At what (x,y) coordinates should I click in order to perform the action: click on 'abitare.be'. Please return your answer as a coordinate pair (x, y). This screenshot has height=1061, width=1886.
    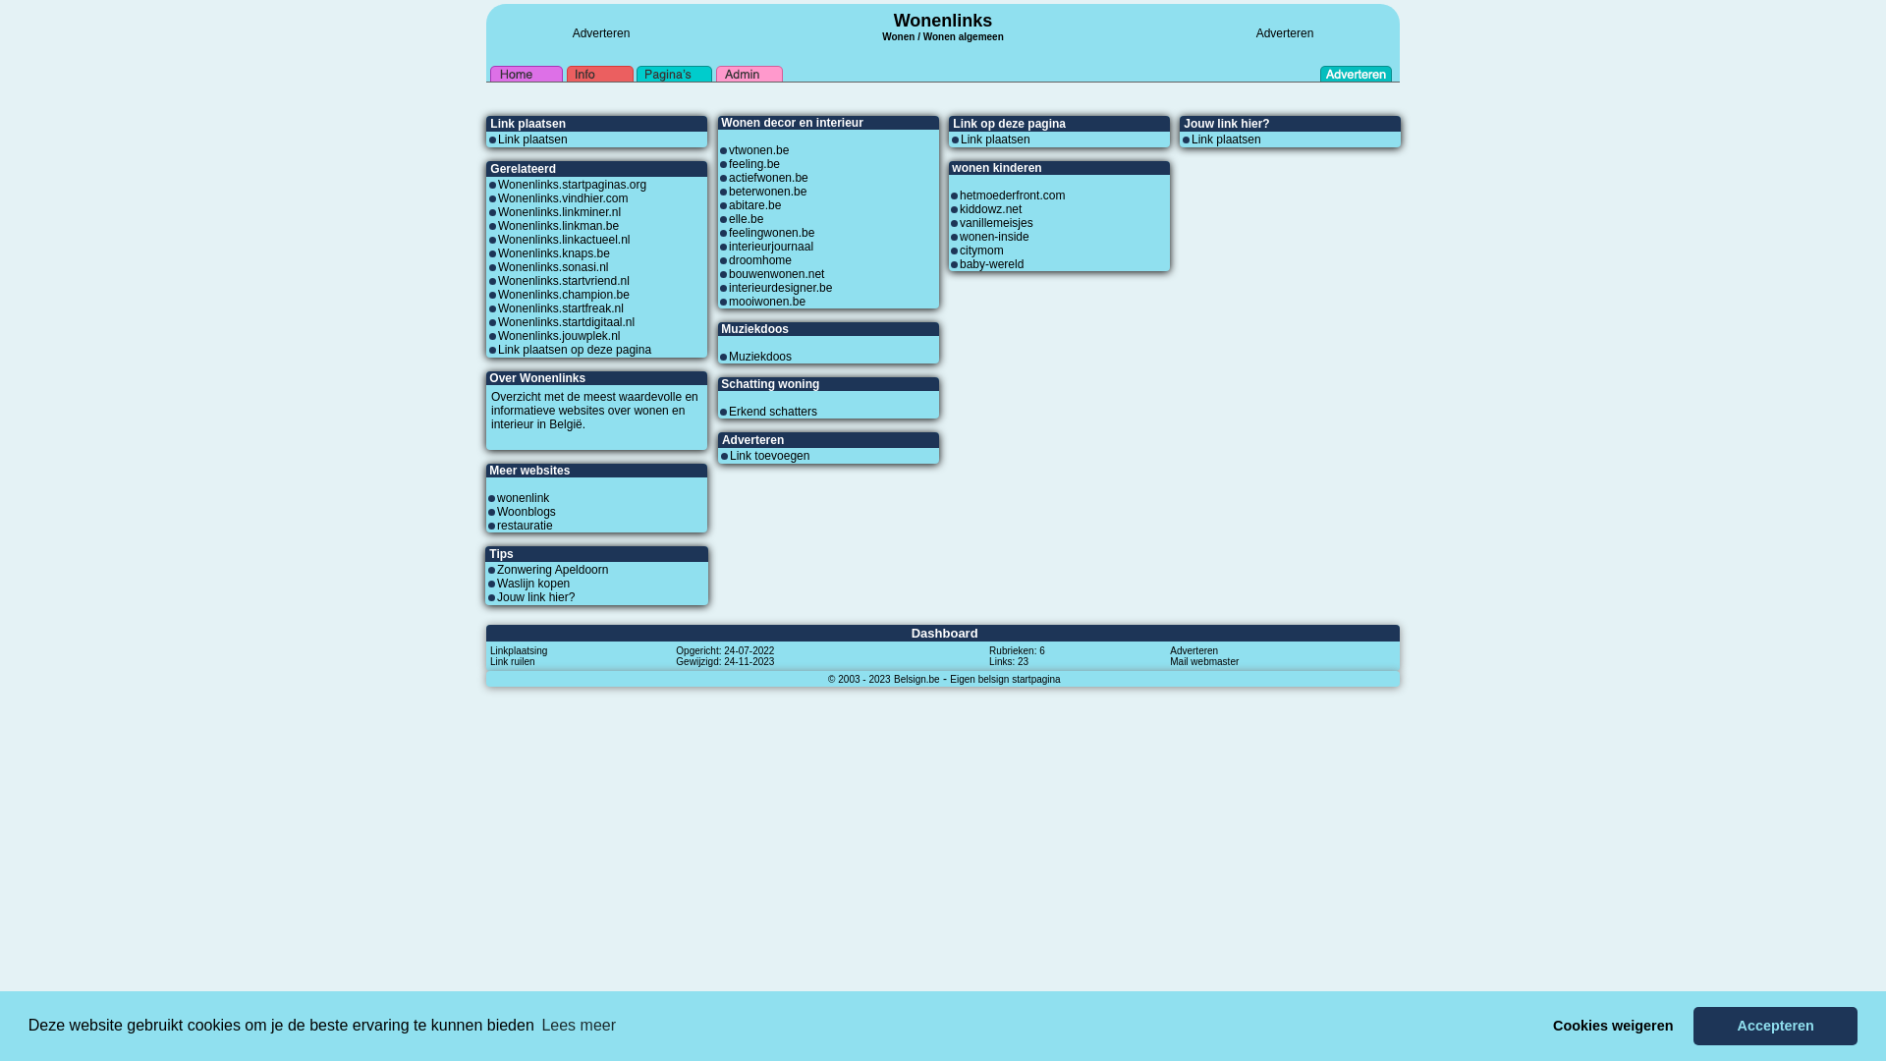
    Looking at the image, I should click on (728, 204).